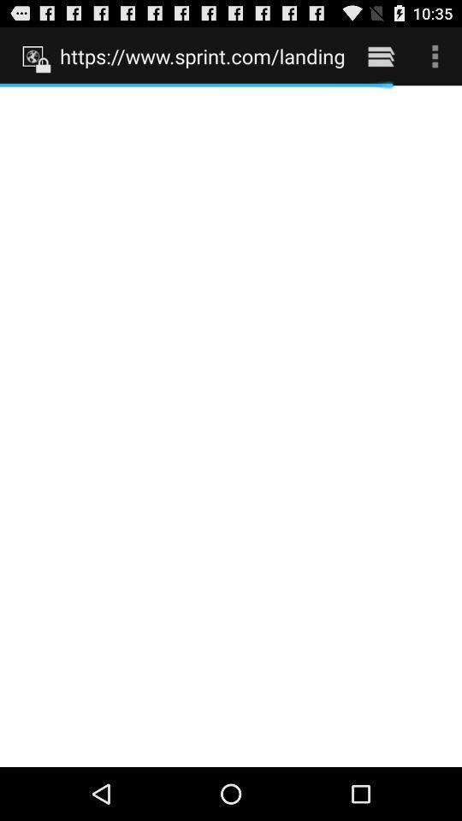  I want to click on https www sprint item, so click(201, 56).